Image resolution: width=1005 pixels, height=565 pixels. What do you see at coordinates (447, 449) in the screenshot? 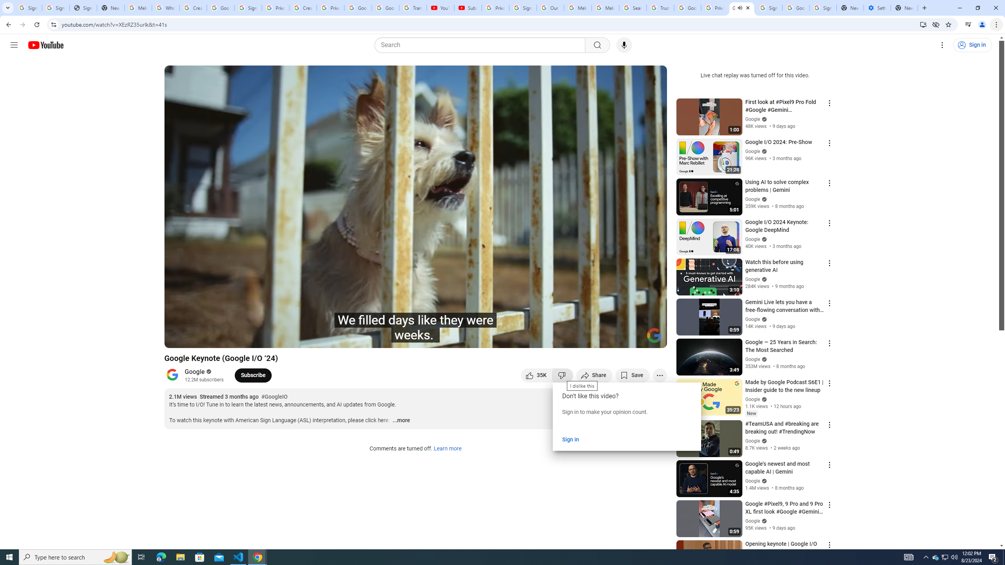
I see `'Learn more'` at bounding box center [447, 449].